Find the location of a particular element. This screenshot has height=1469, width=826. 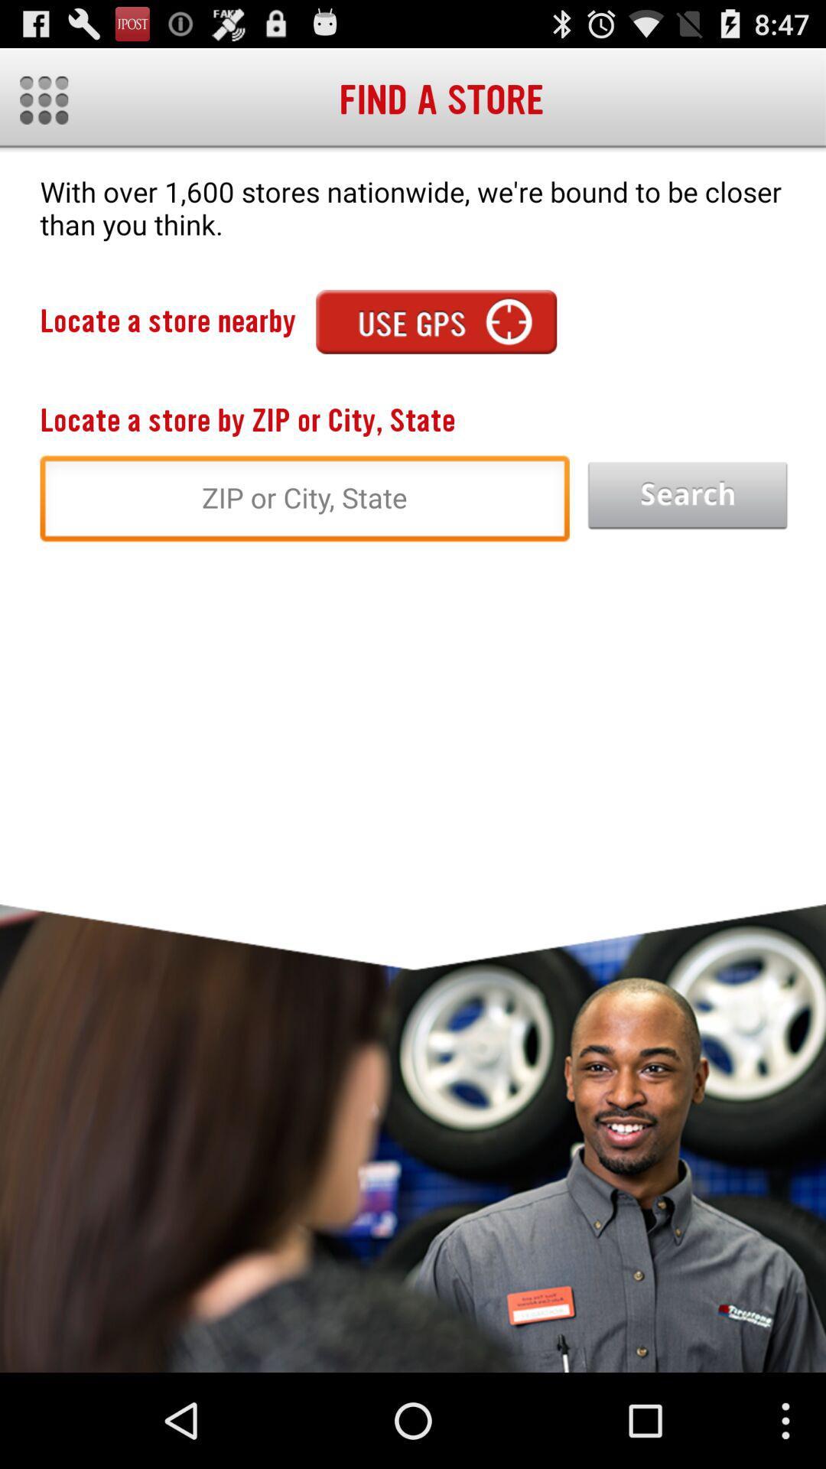

app above with over 1 is located at coordinates (43, 99).